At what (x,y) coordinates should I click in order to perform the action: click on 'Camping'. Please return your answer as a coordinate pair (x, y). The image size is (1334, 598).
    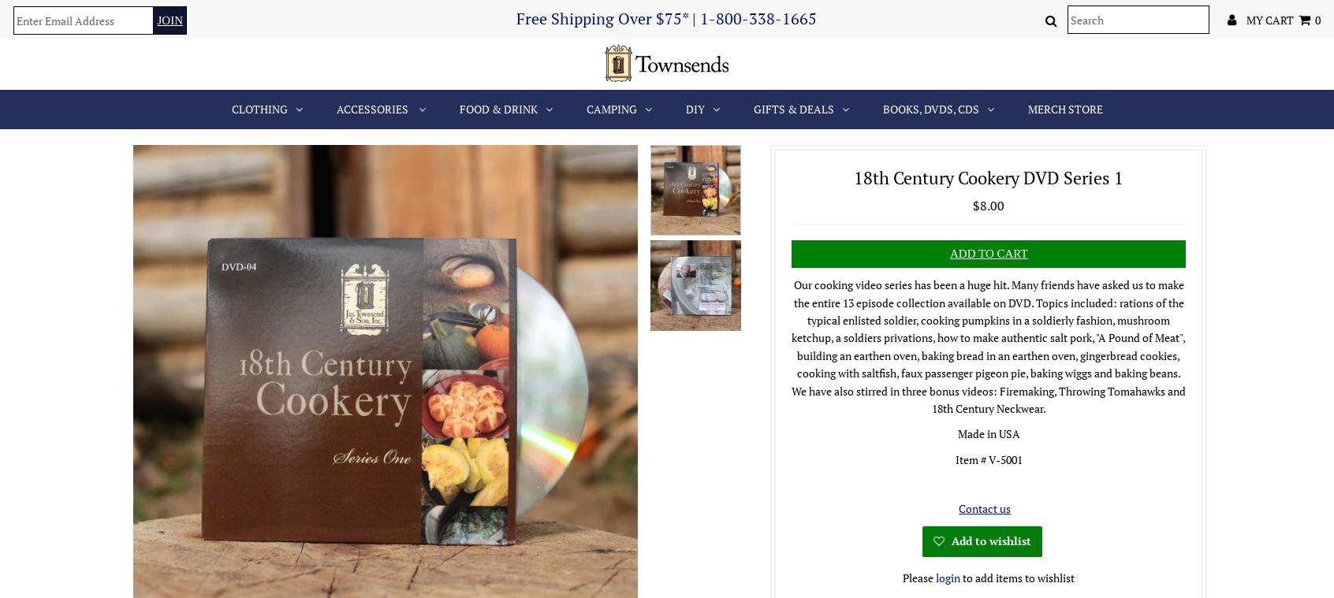
    Looking at the image, I should click on (584, 108).